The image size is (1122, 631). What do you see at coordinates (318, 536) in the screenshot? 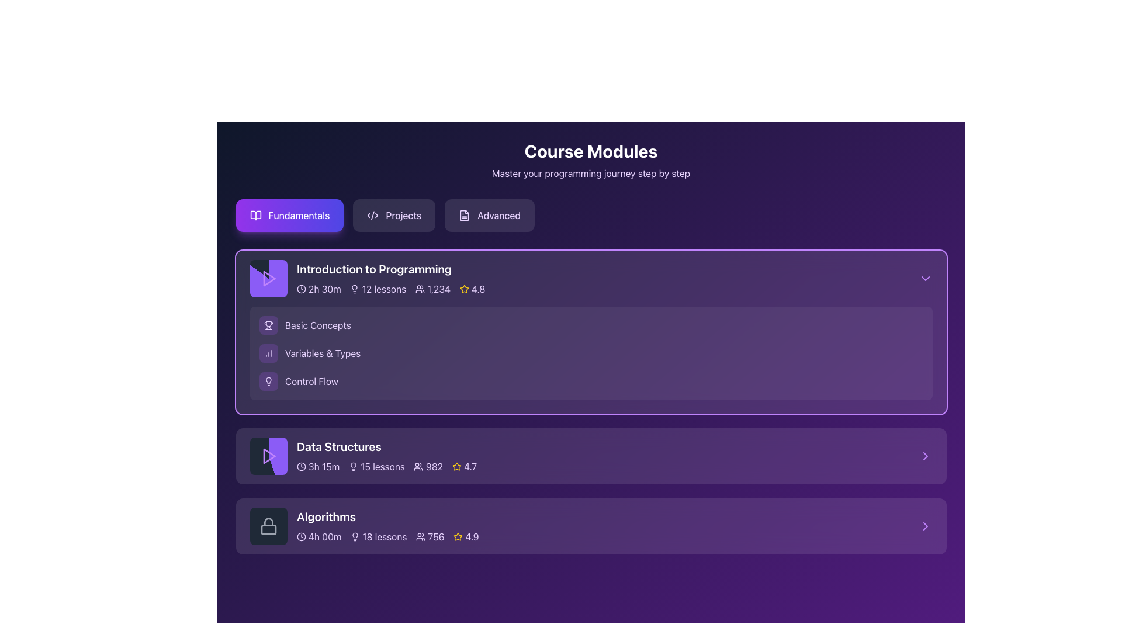
I see `the Duration display located in the 'Algorithms' section, which shows the total time duration for the course` at bounding box center [318, 536].